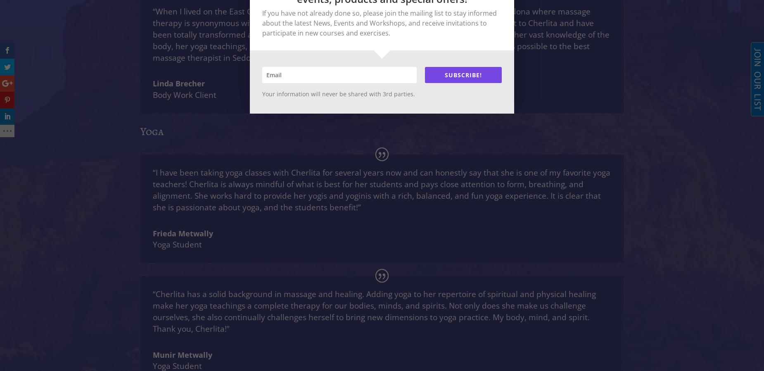 The width and height of the screenshot is (764, 371). Describe the element at coordinates (338, 93) in the screenshot. I see `'Your information will never be shared with 3rd parties.'` at that location.